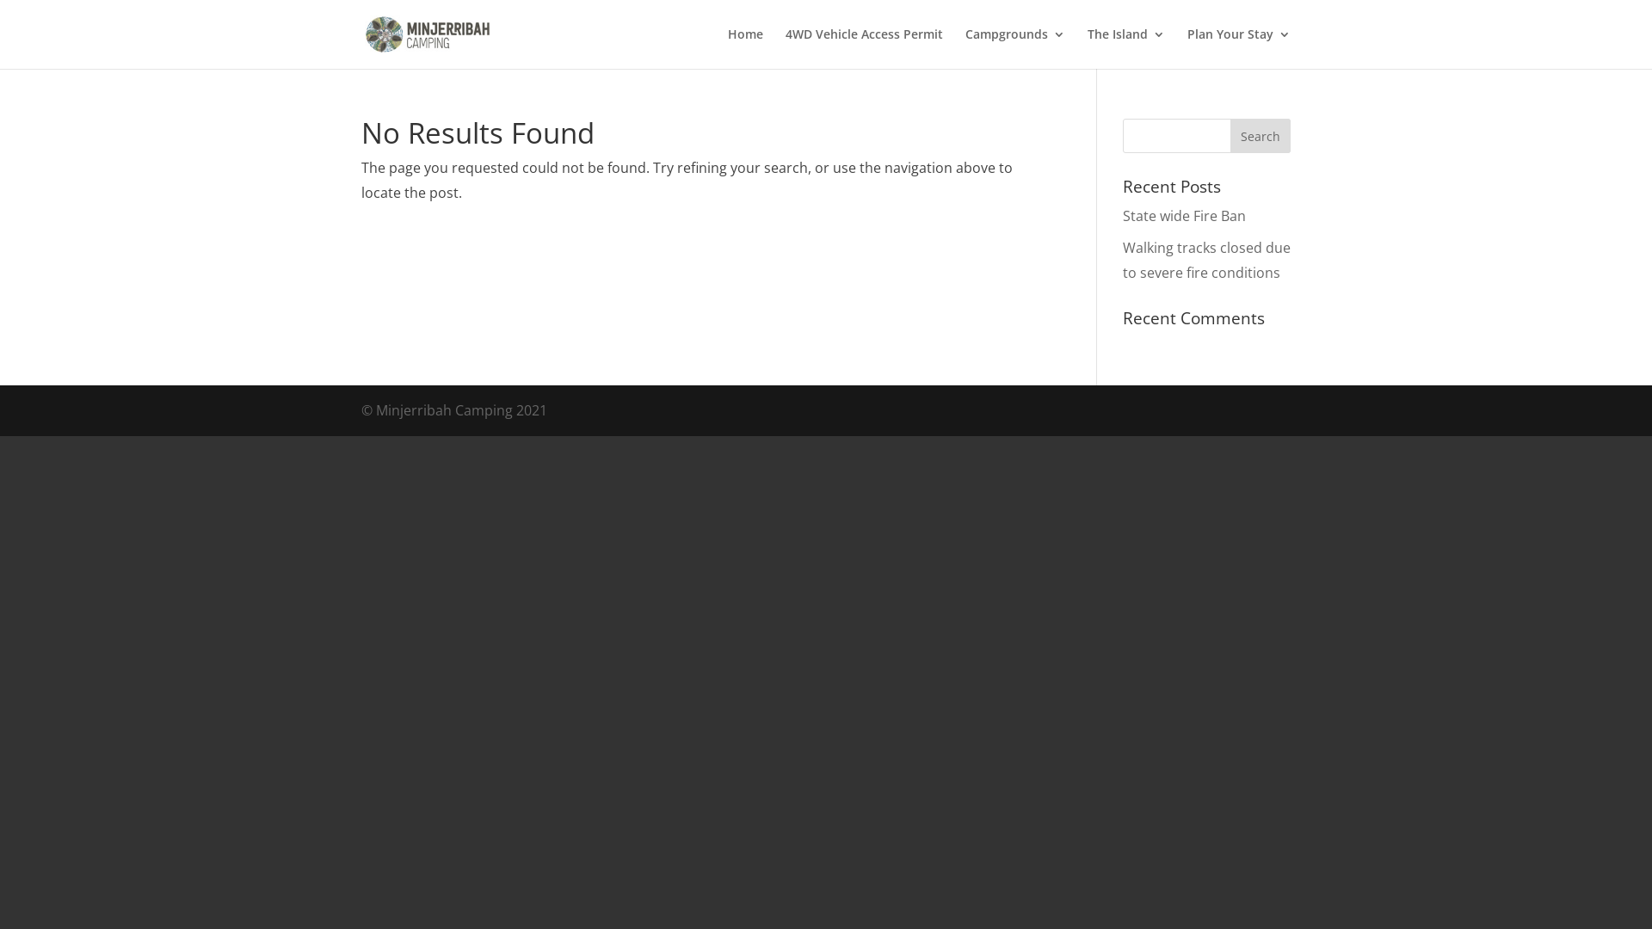 This screenshot has height=929, width=1652. Describe the element at coordinates (1239, 47) in the screenshot. I see `'Plan Your Stay'` at that location.